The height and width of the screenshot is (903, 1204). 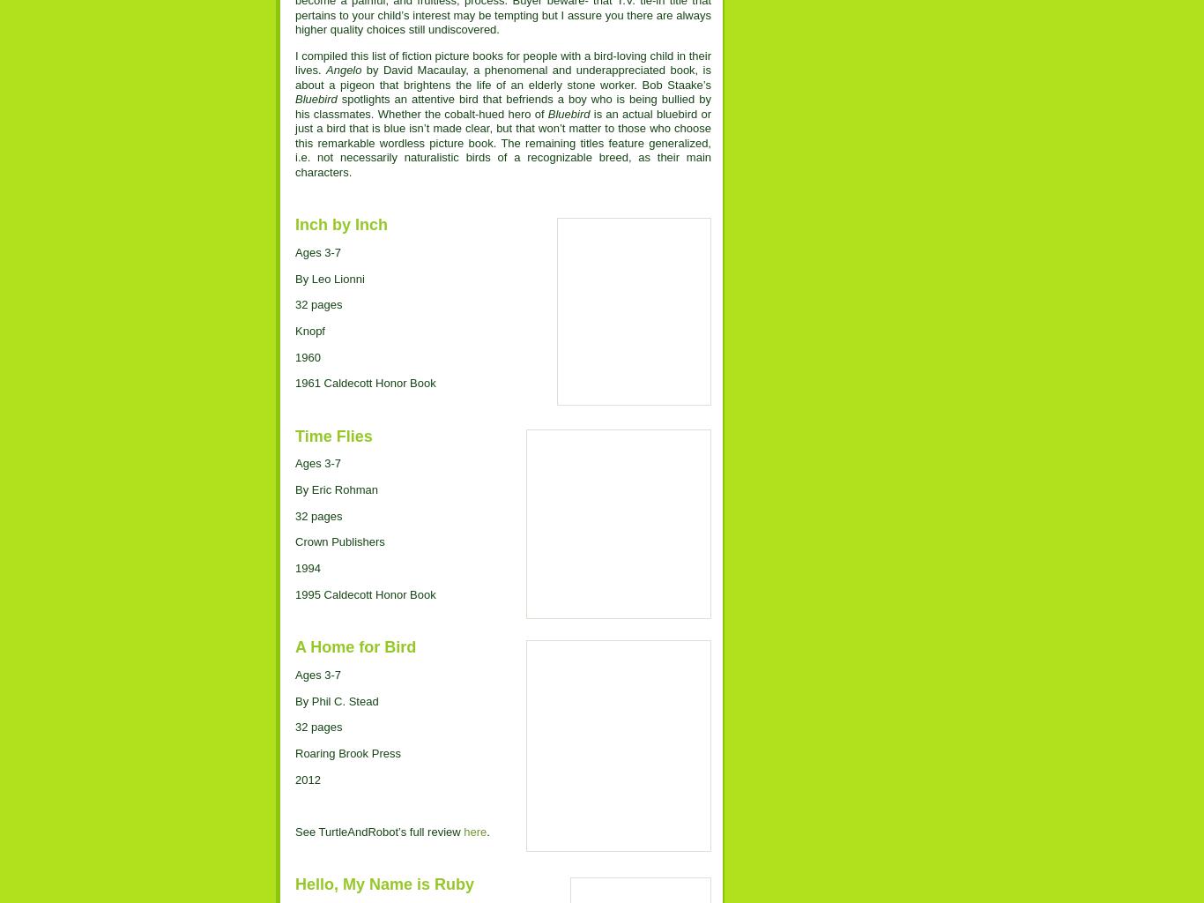 I want to click on 'By Leo Lionni', so click(x=329, y=277).